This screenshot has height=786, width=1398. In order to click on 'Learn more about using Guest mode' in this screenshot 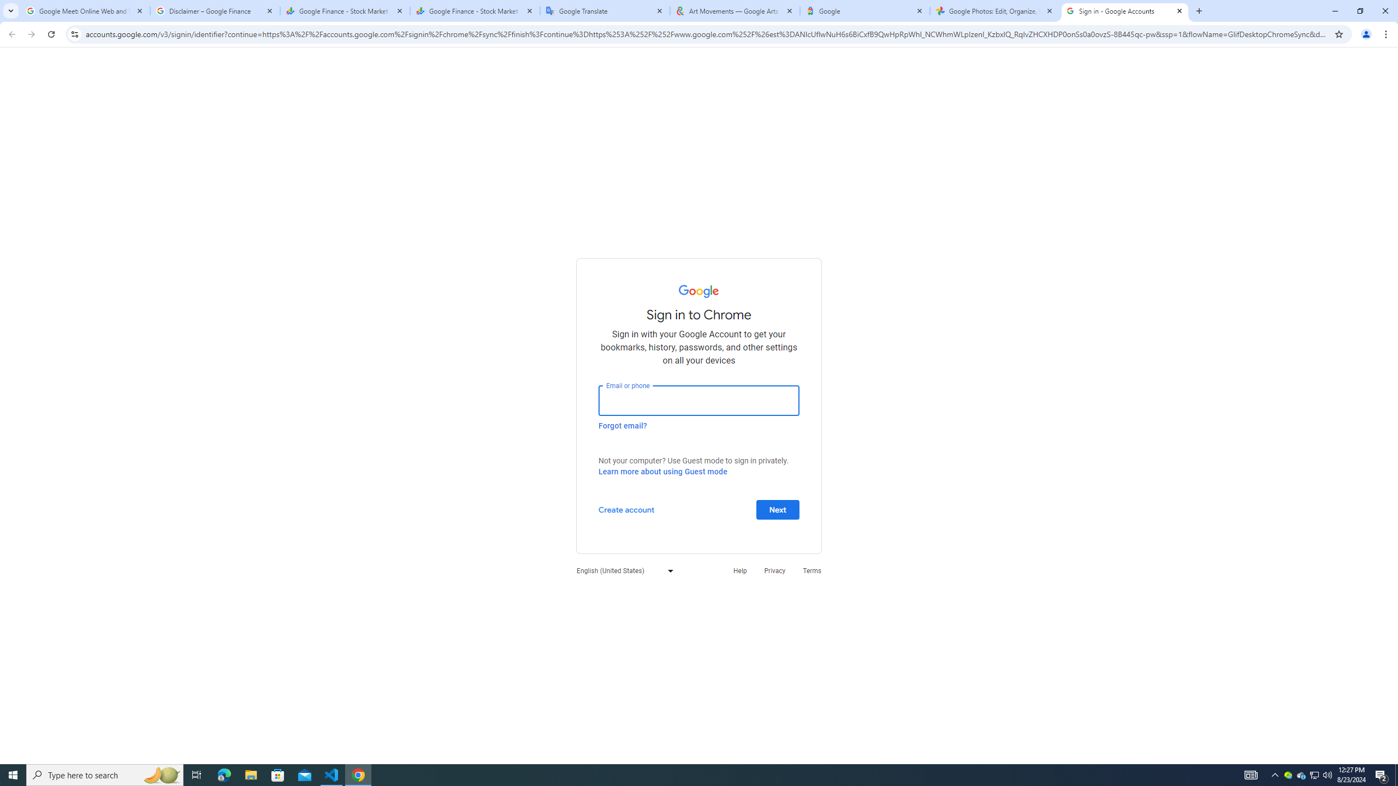, I will do `click(662, 471)`.